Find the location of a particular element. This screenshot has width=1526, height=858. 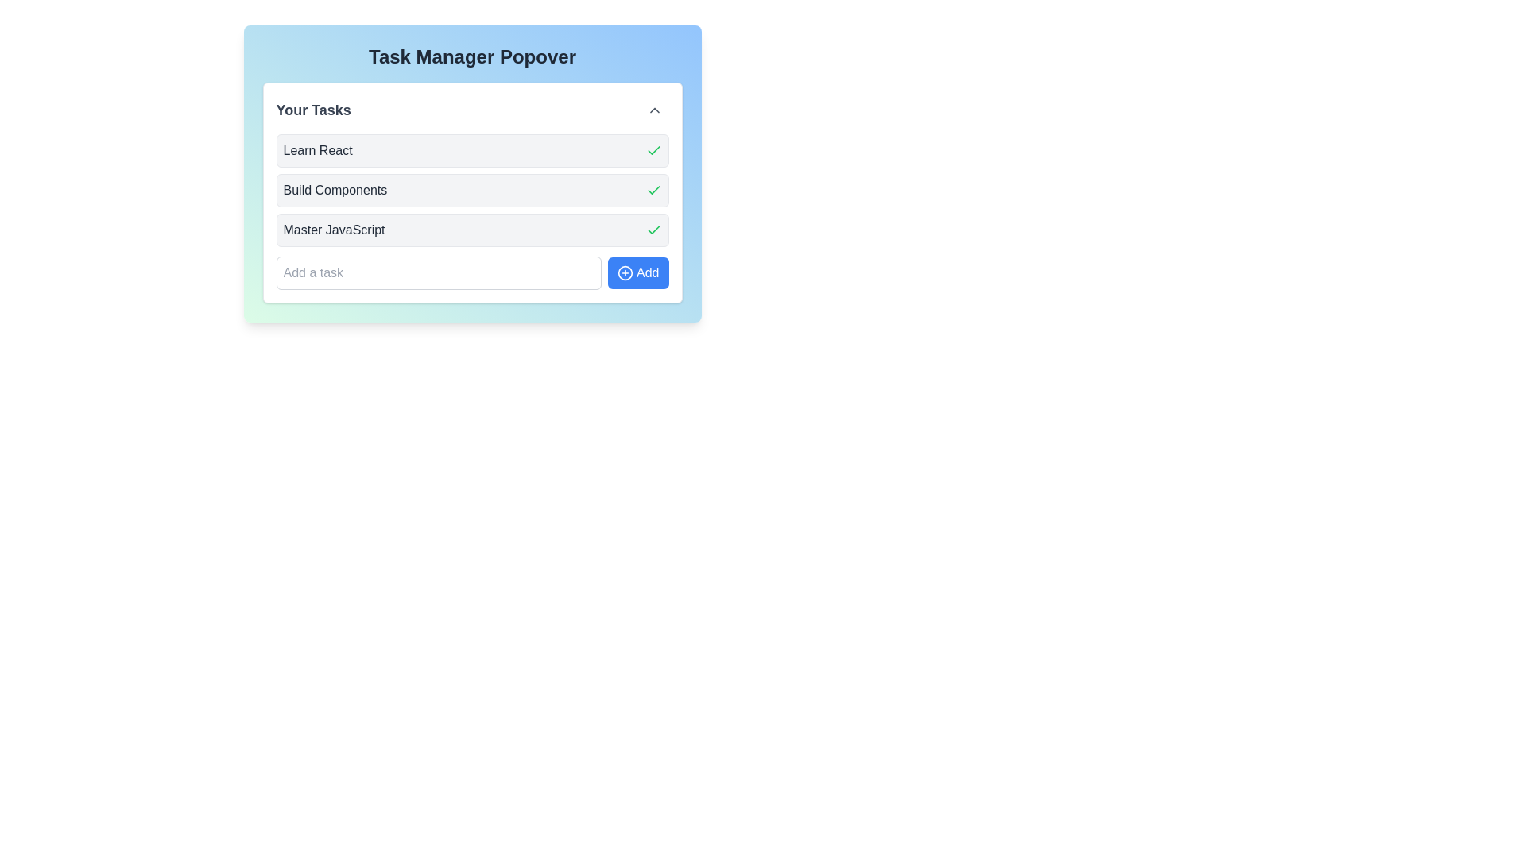

the checkmark icon that signifies the successful completion of the task 'Master JavaScript', located at the far right of the third row under 'Your Tasks' is located at coordinates (653, 230).